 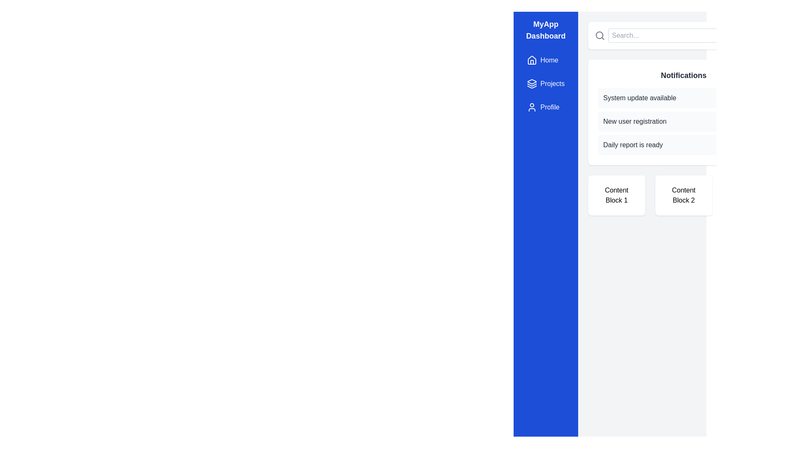 I want to click on the static text label that displays 'New user registration' in bold, dark gray font, positioned within the notifications section of the UI, so click(x=635, y=121).